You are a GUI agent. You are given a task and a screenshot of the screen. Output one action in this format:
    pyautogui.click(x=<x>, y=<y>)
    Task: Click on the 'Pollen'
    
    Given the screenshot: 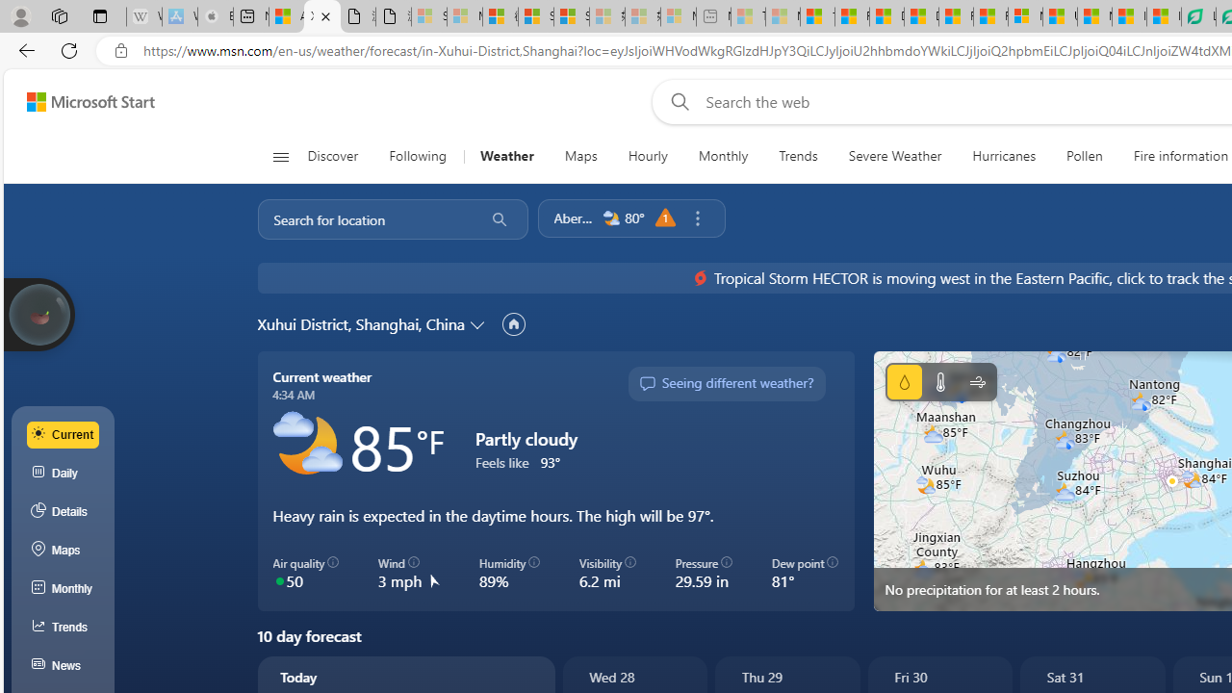 What is the action you would take?
    pyautogui.click(x=1085, y=156)
    